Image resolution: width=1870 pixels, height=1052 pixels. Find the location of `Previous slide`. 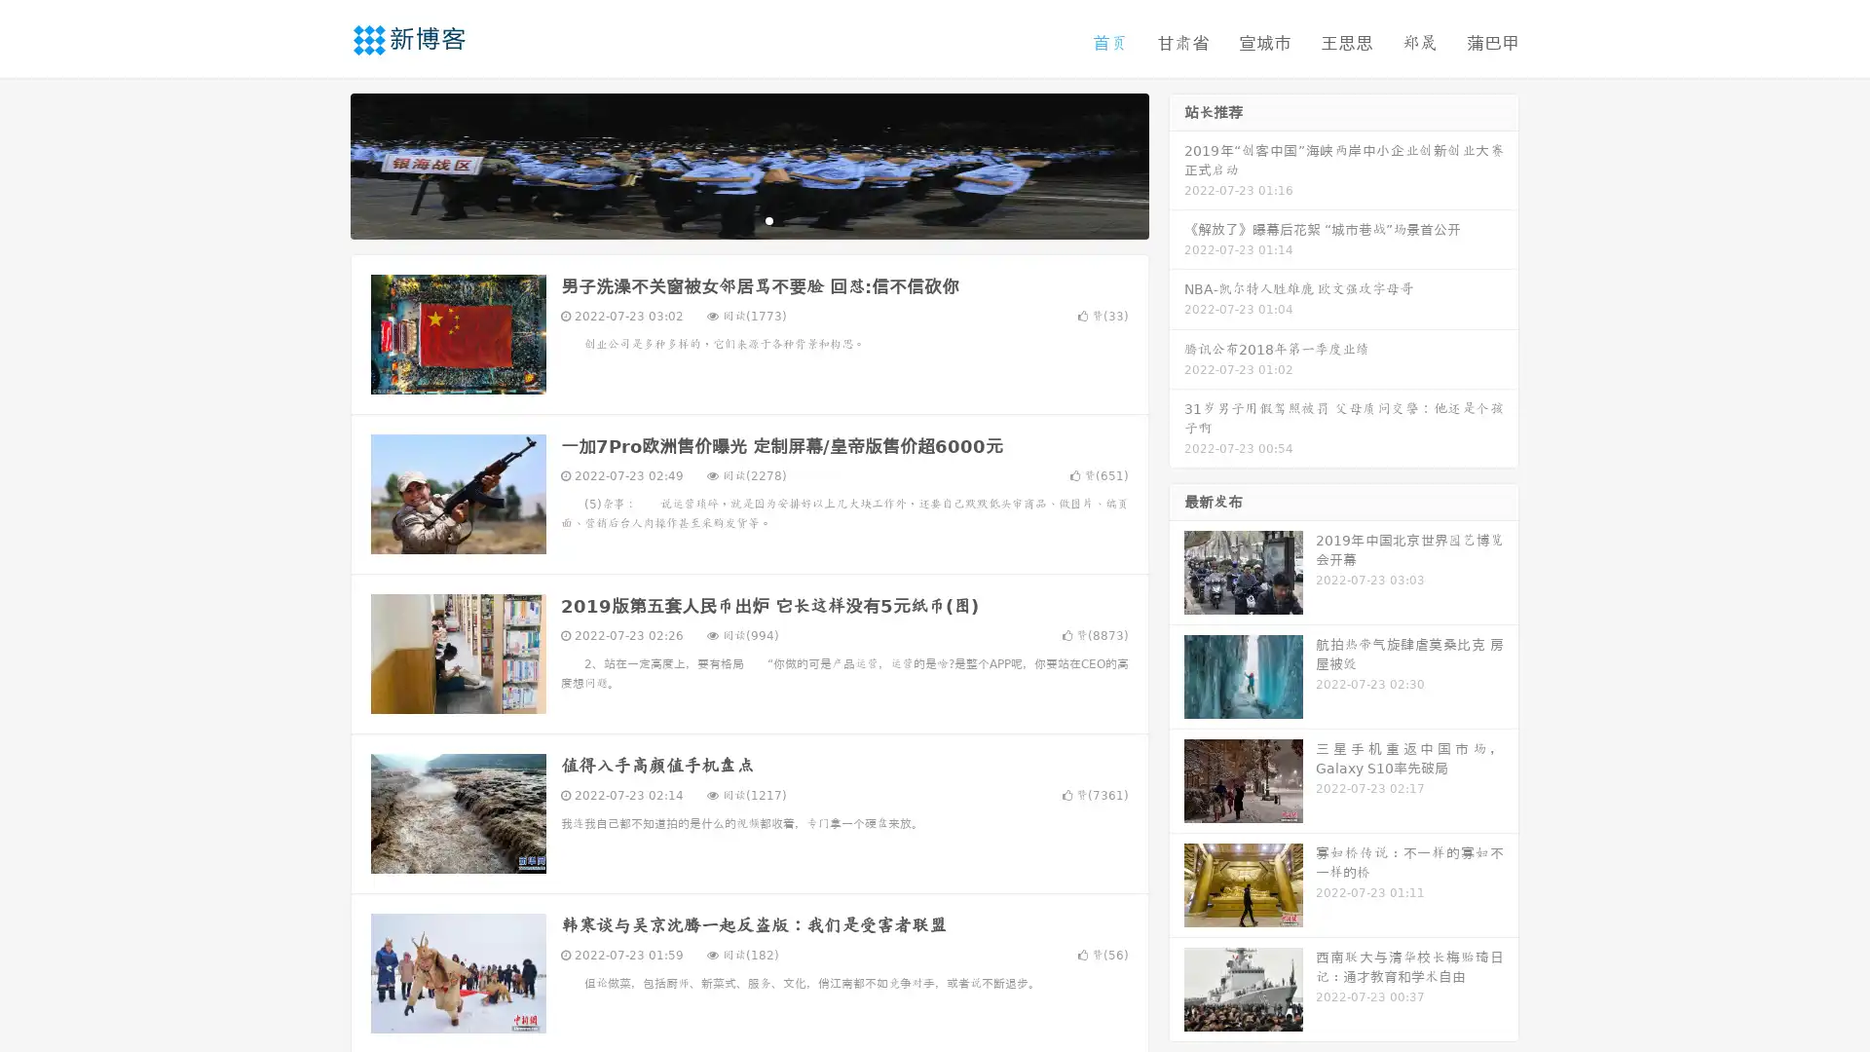

Previous slide is located at coordinates (321, 164).